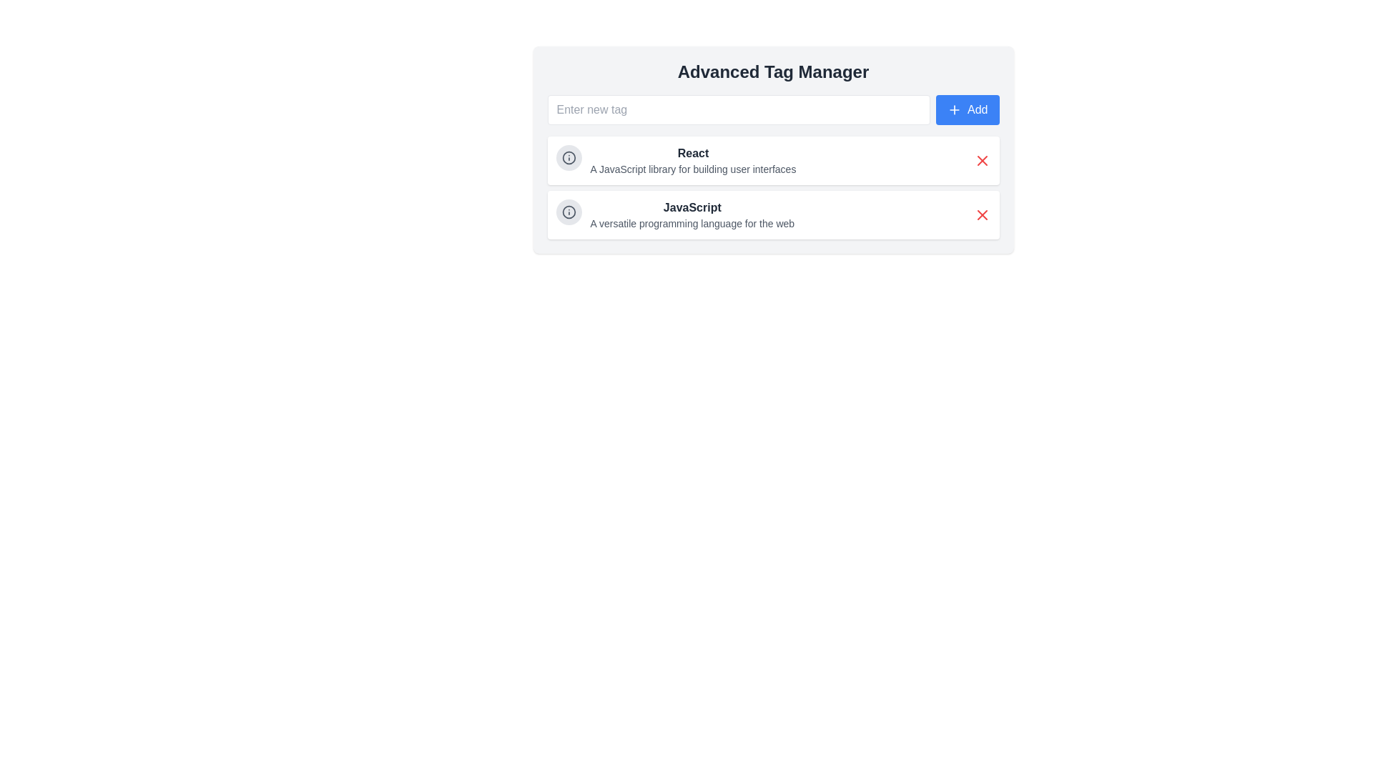 The image size is (1373, 772). Describe the element at coordinates (954, 109) in the screenshot. I see `the 'Add' button by clicking on its icon, which serves as a visual indicator for adding a new item or tag` at that location.